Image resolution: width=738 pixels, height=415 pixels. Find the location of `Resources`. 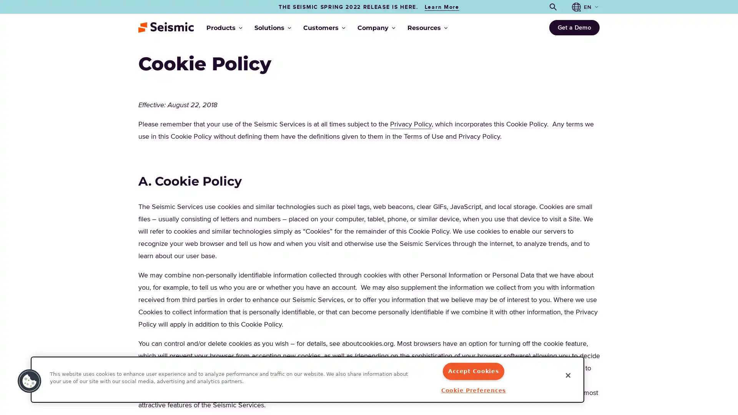

Resources is located at coordinates (427, 29).